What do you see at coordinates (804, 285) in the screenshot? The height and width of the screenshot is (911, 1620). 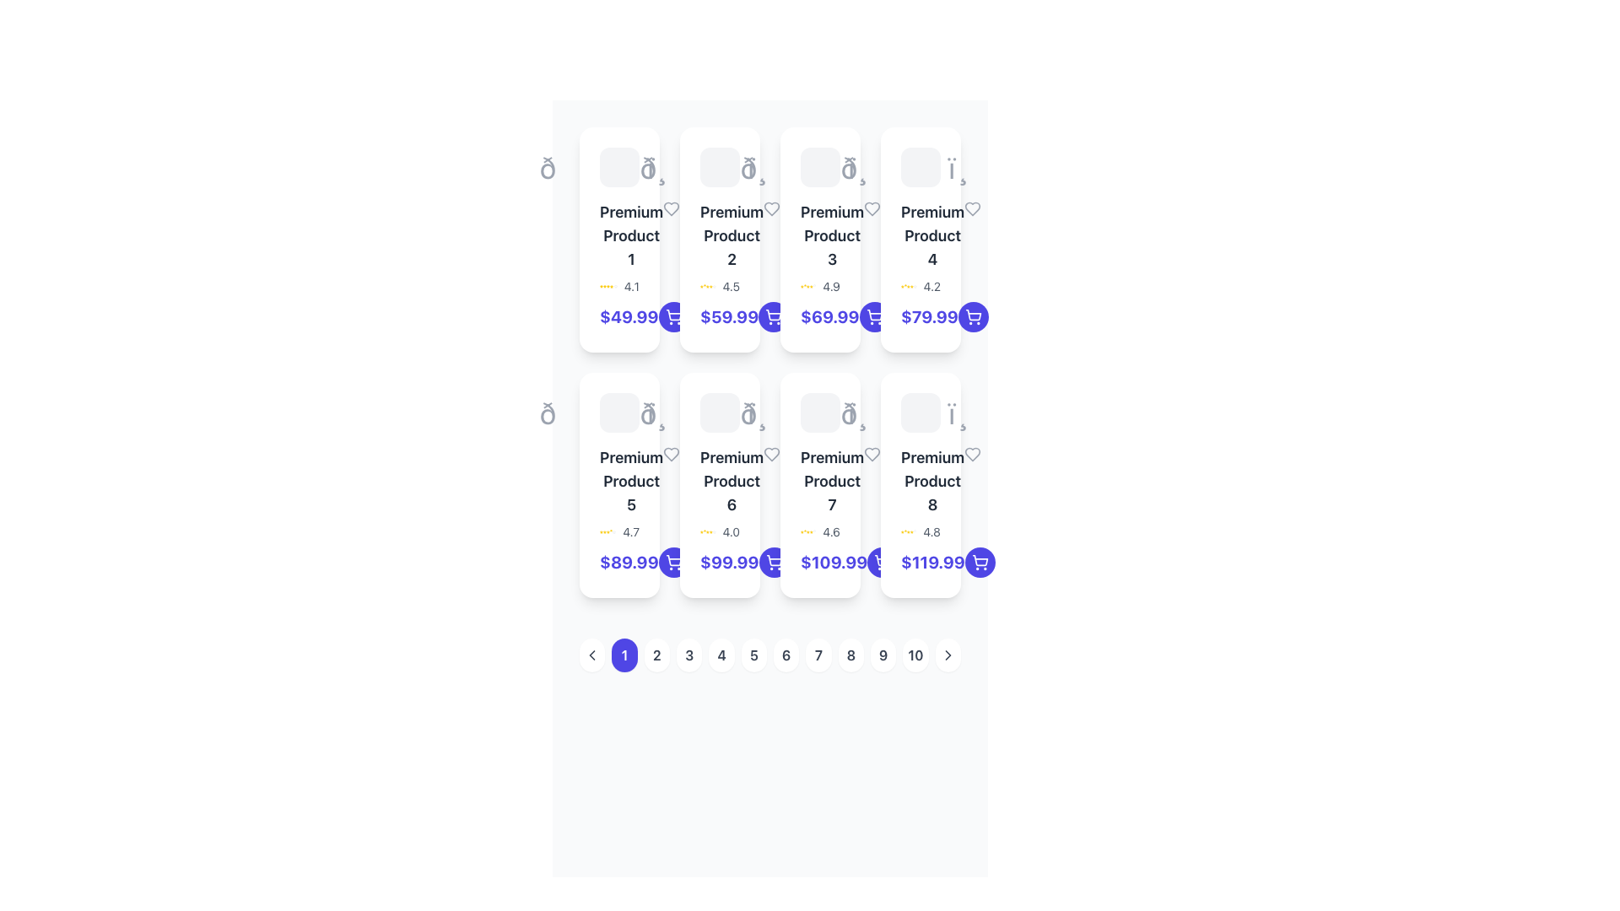 I see `the second star icon in the star-based rating system for the 'Premium Product 3' card, which visually indicates part of the rating score` at bounding box center [804, 285].